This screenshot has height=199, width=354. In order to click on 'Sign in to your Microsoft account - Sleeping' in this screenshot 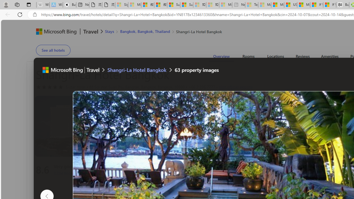, I will do `click(121, 5)`.